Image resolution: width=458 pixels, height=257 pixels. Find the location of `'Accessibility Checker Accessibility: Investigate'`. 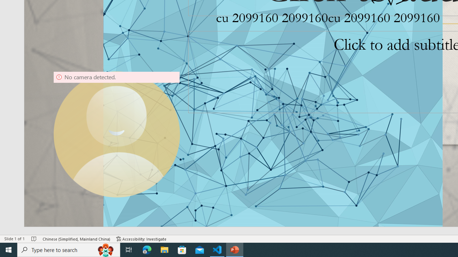

'Accessibility Checker Accessibility: Investigate' is located at coordinates (141, 239).